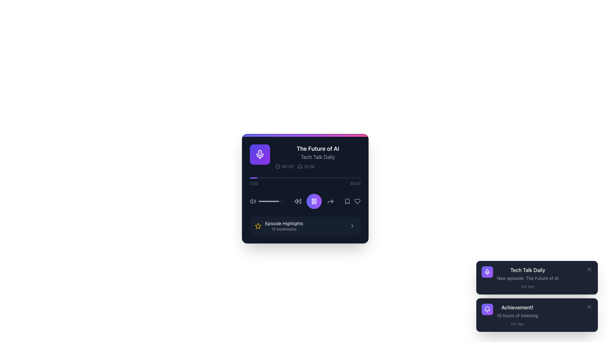 The width and height of the screenshot is (608, 342). What do you see at coordinates (263, 201) in the screenshot?
I see `the volume` at bounding box center [263, 201].